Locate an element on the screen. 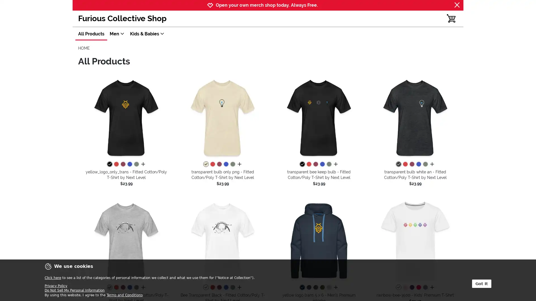  transparent bulb white an - Fitted Cotton/Poly T-Shirt by Next Level is located at coordinates (415, 117).